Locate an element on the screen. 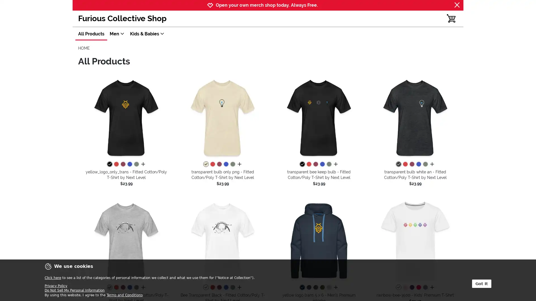  transparent bulb white an - Fitted Cotton/Poly T-Shirt by Next Level is located at coordinates (415, 117).